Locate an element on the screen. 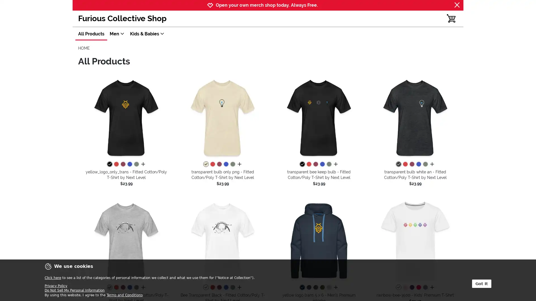  transparent bulb white an - Fitted Cotton/Poly T-Shirt by Next Level is located at coordinates (415, 117).